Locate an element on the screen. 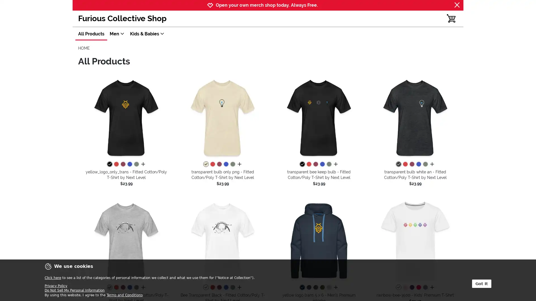  transparent bulb white an - Fitted Cotton/Poly T-Shirt by Next Level is located at coordinates (415, 117).